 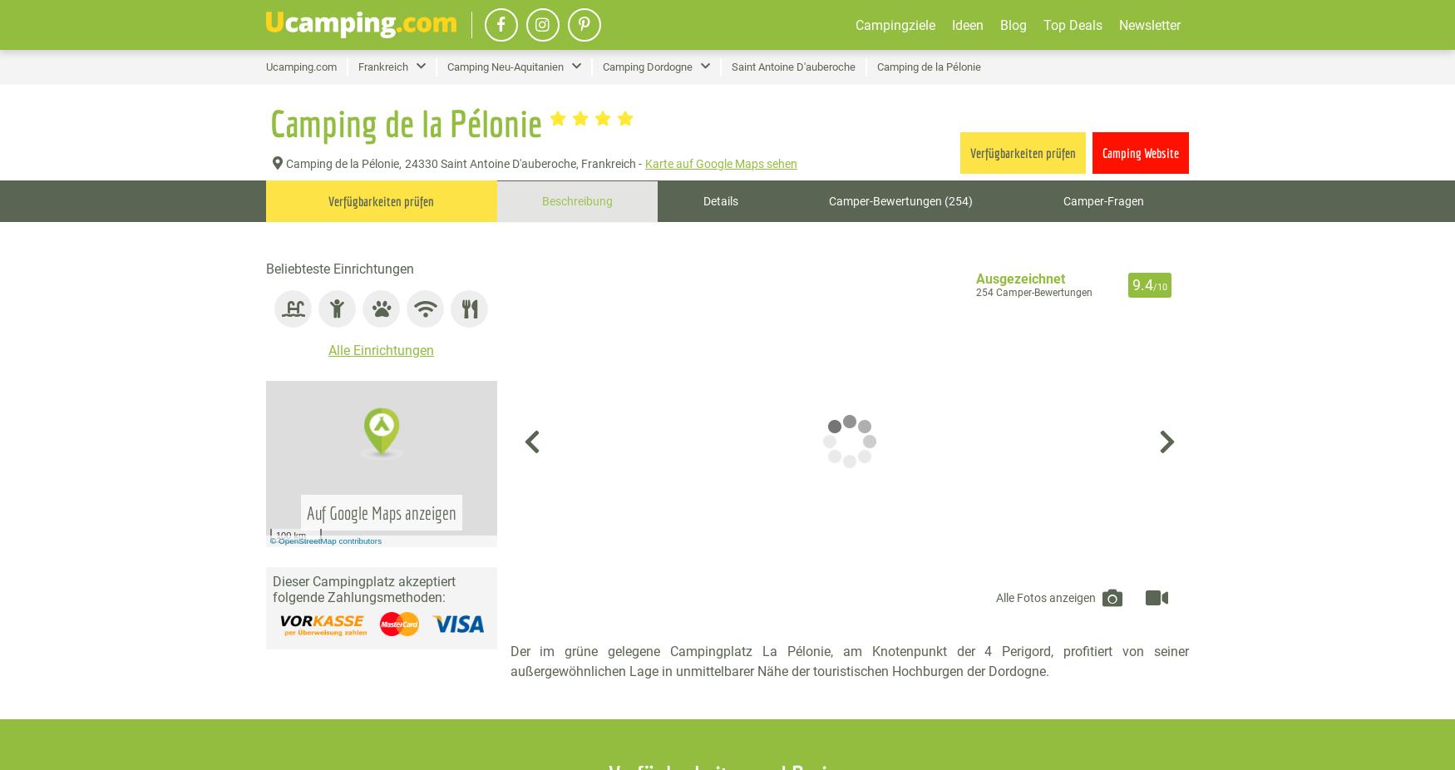 I want to click on 'Camping mit Privatsanitär', so click(x=1140, y=130).